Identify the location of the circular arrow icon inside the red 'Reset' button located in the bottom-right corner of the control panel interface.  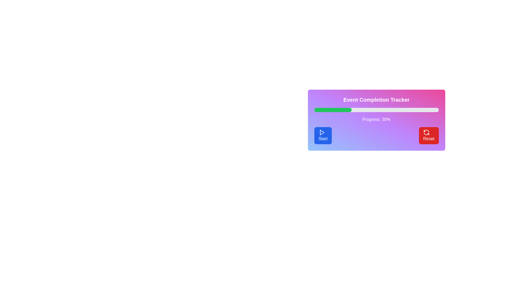
(426, 132).